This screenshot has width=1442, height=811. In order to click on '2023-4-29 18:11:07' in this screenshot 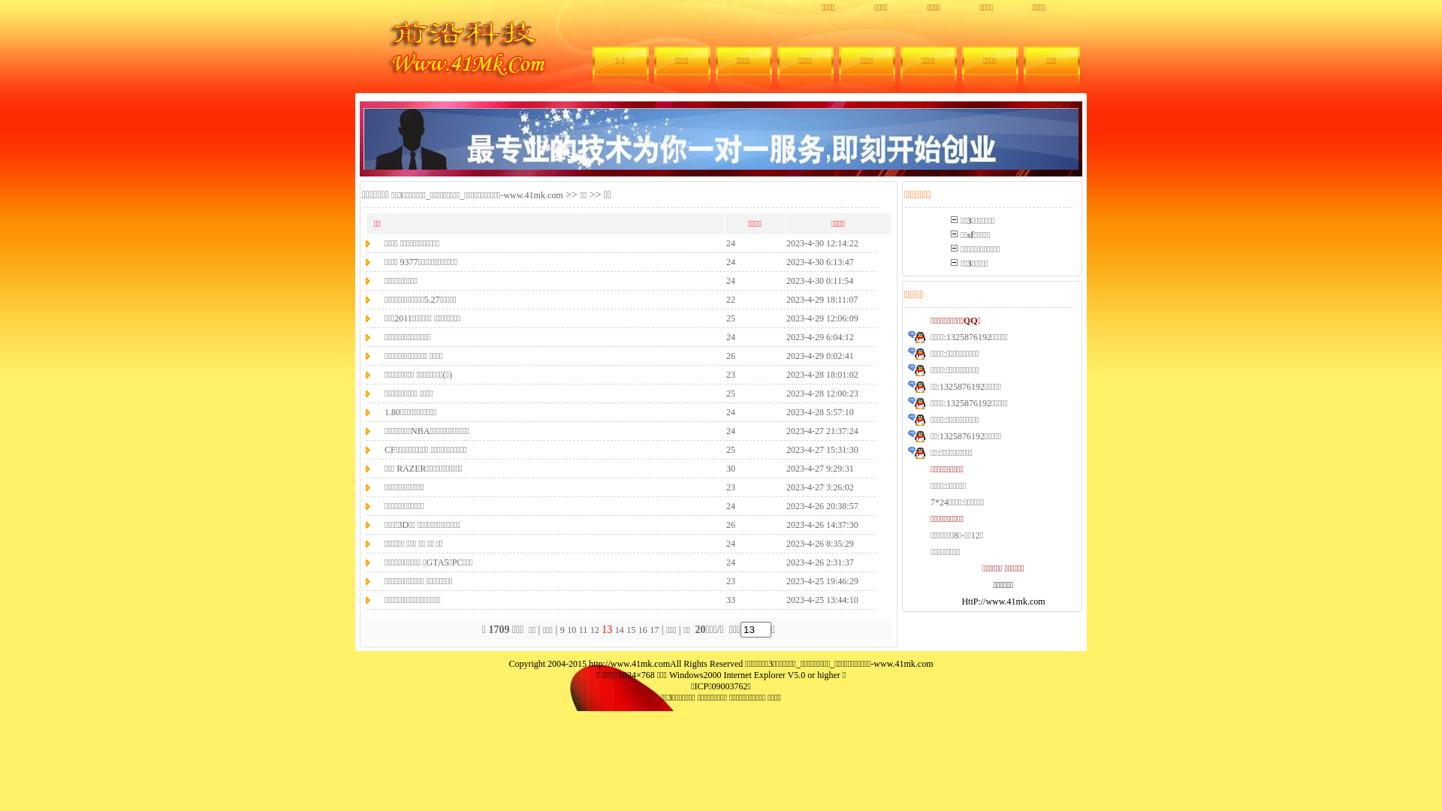, I will do `click(821, 299)`.